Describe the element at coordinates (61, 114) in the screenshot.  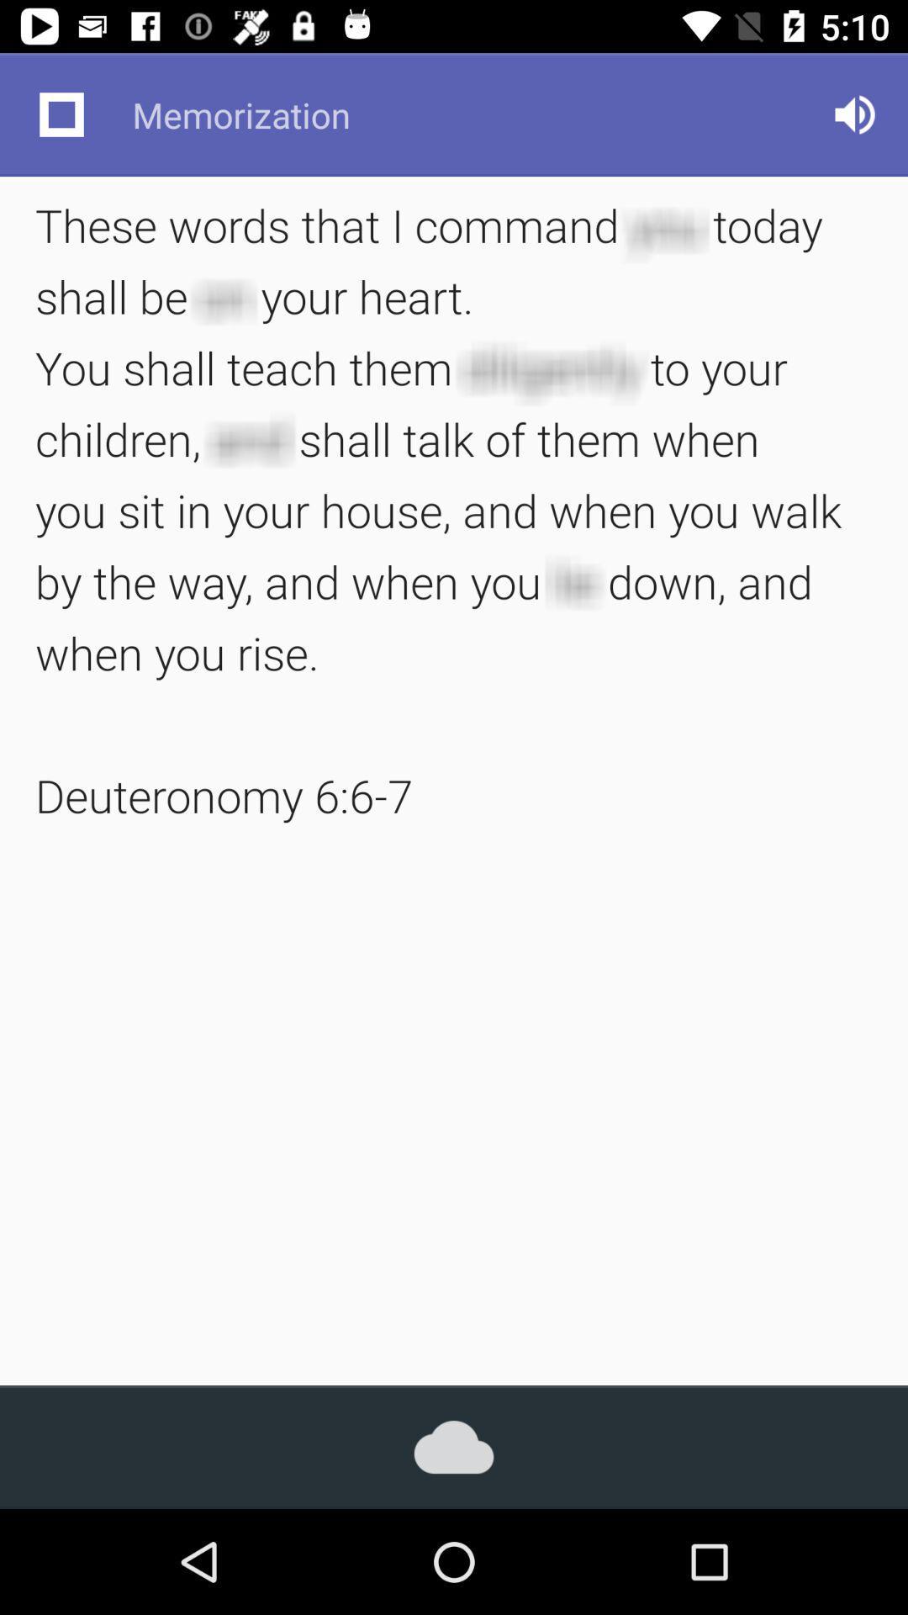
I see `item above these words that icon` at that location.